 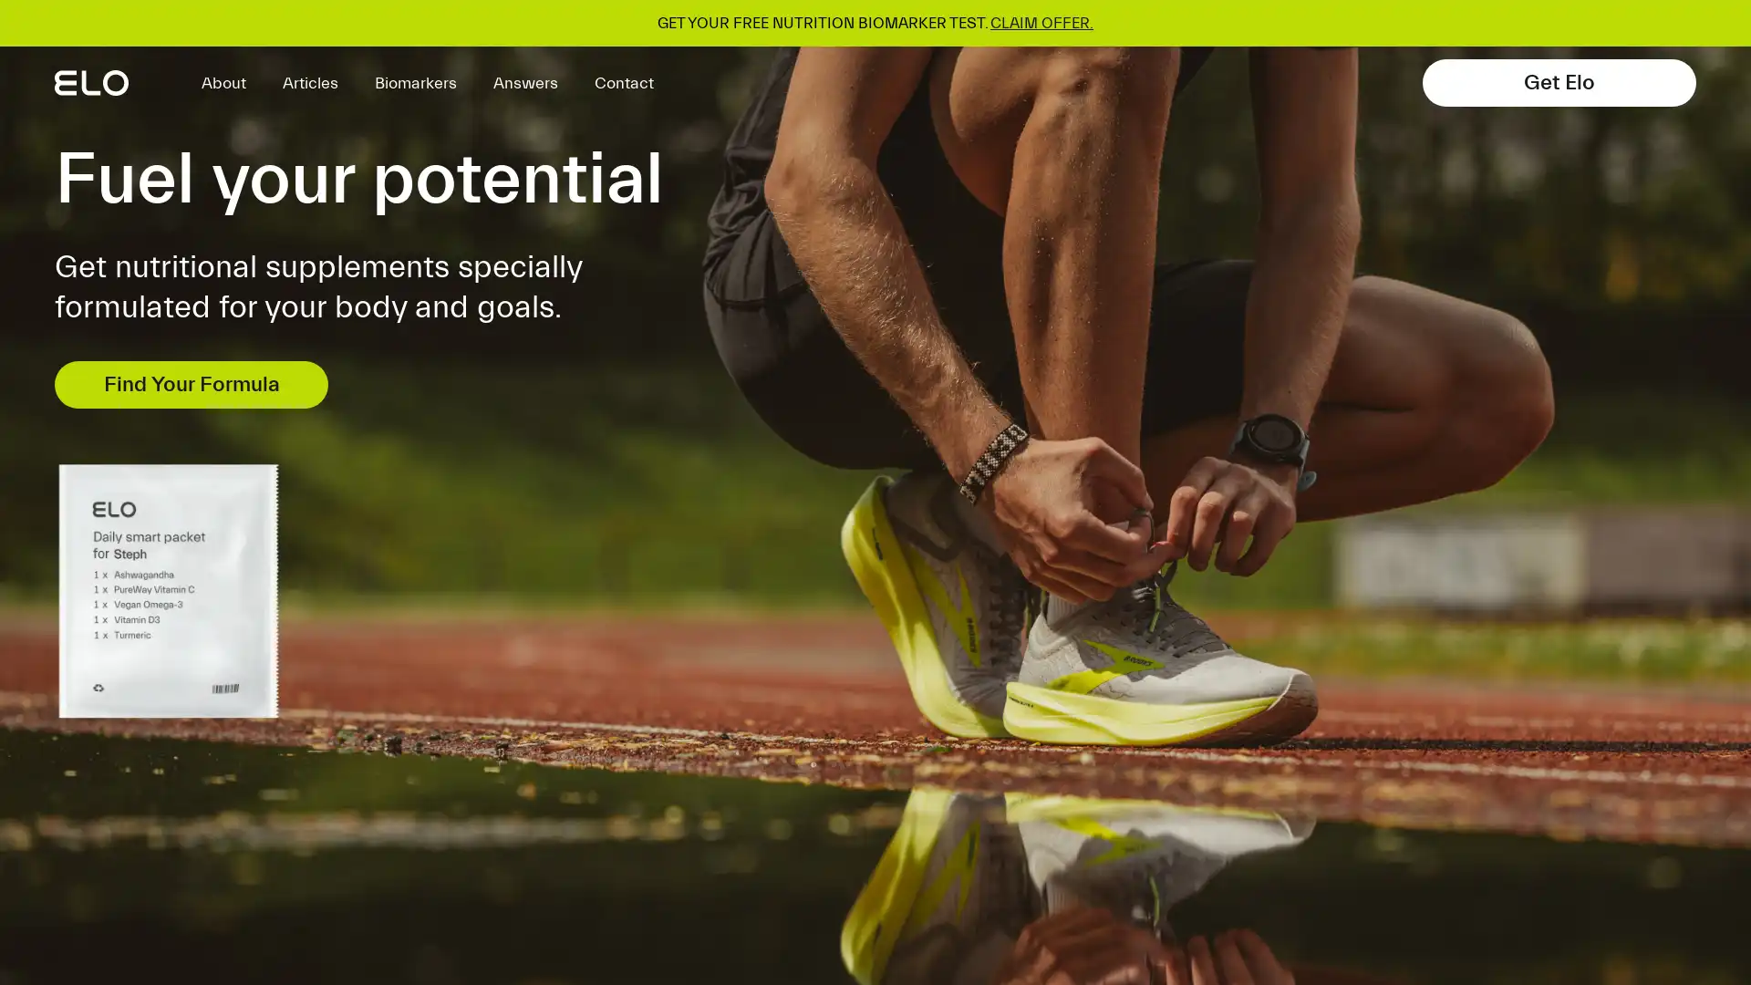 What do you see at coordinates (1558, 83) in the screenshot?
I see `Get Elo` at bounding box center [1558, 83].